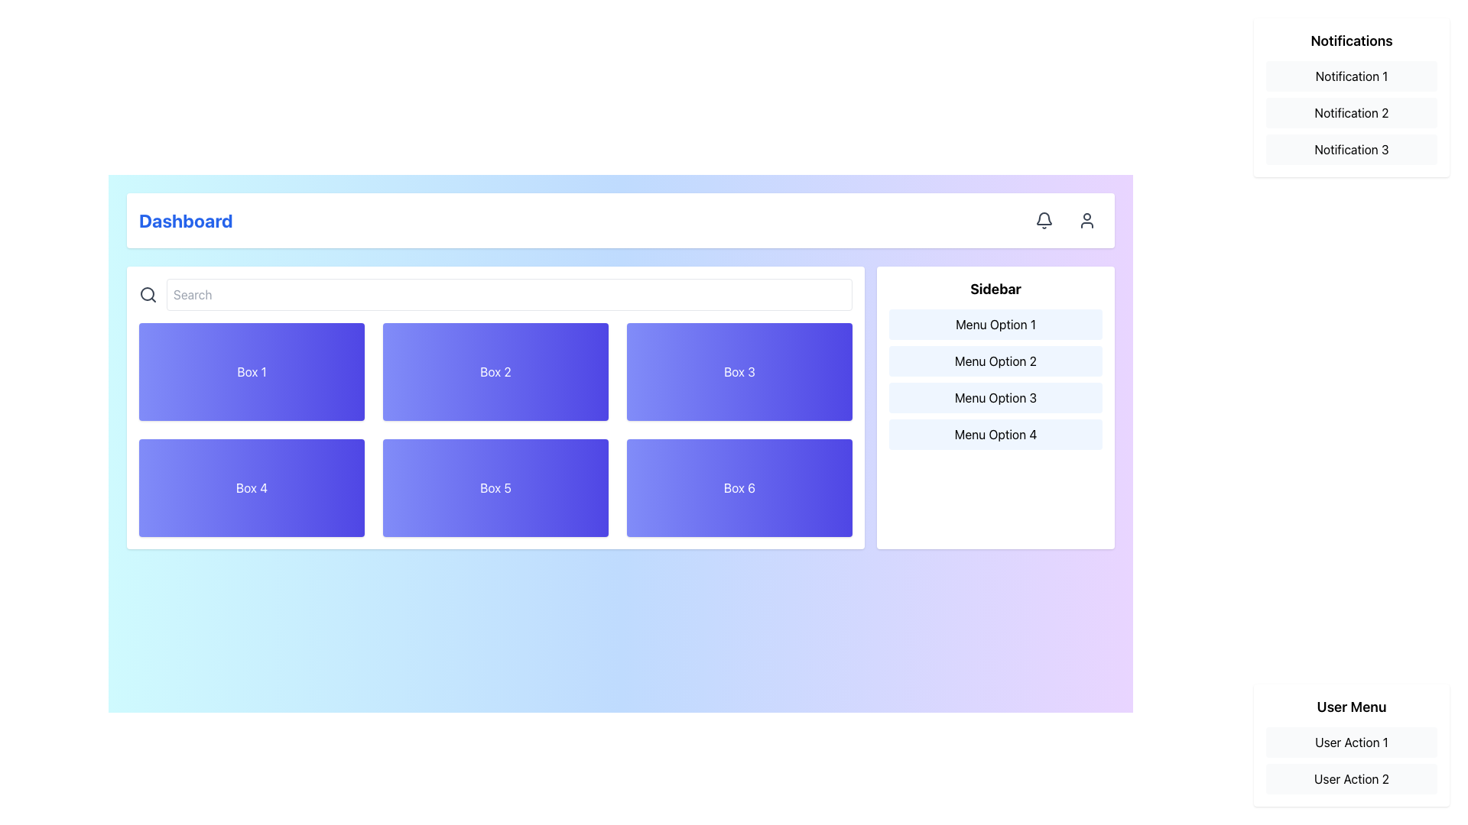  What do you see at coordinates (995, 435) in the screenshot?
I see `the 'Menu Option 4' button located in the bottom-right section of the interface within the Sidebar group` at bounding box center [995, 435].